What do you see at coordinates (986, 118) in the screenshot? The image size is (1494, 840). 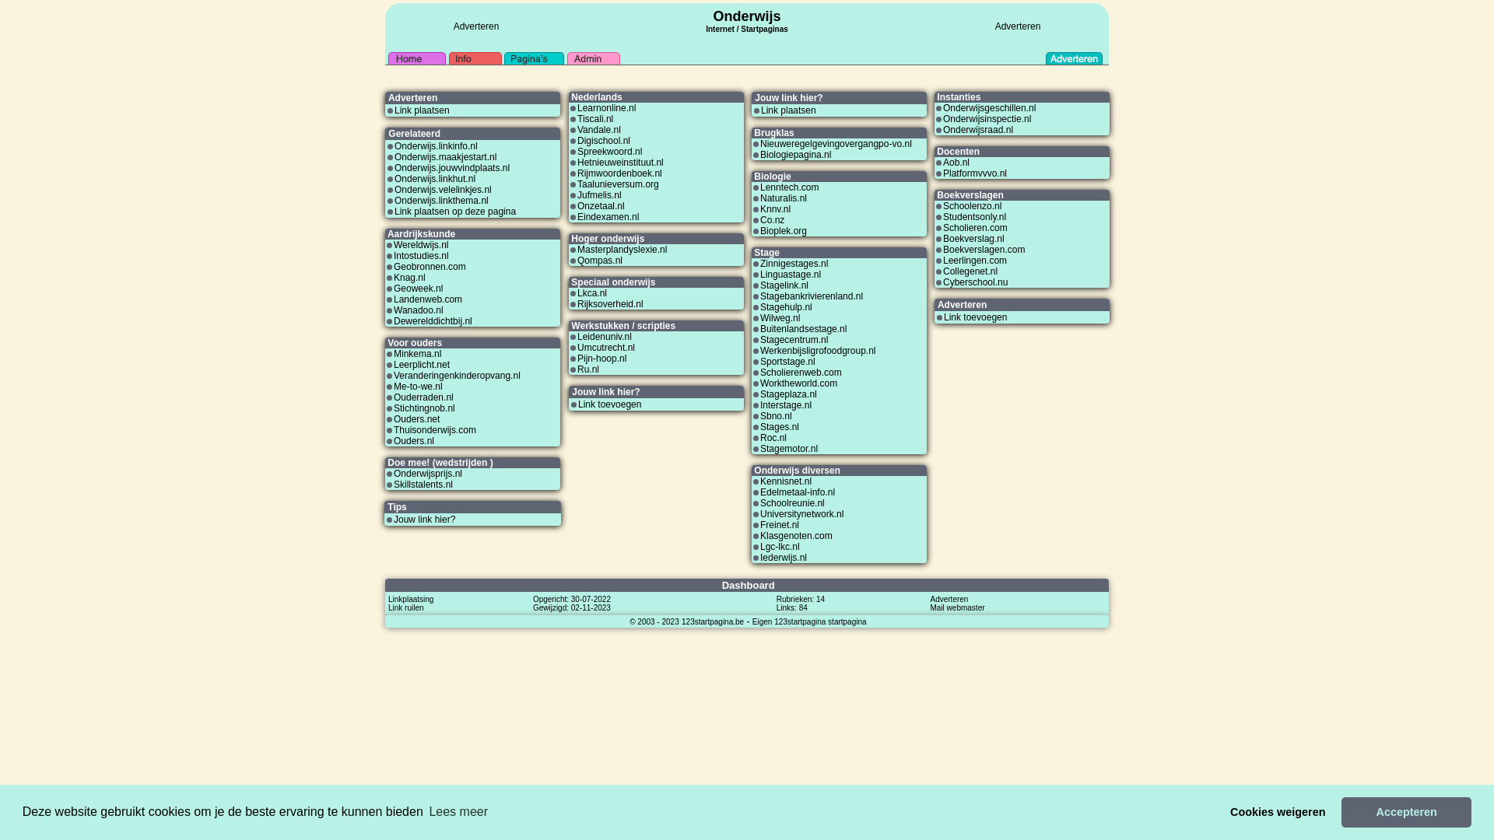 I see `'Onderwijsinspectie.nl'` at bounding box center [986, 118].